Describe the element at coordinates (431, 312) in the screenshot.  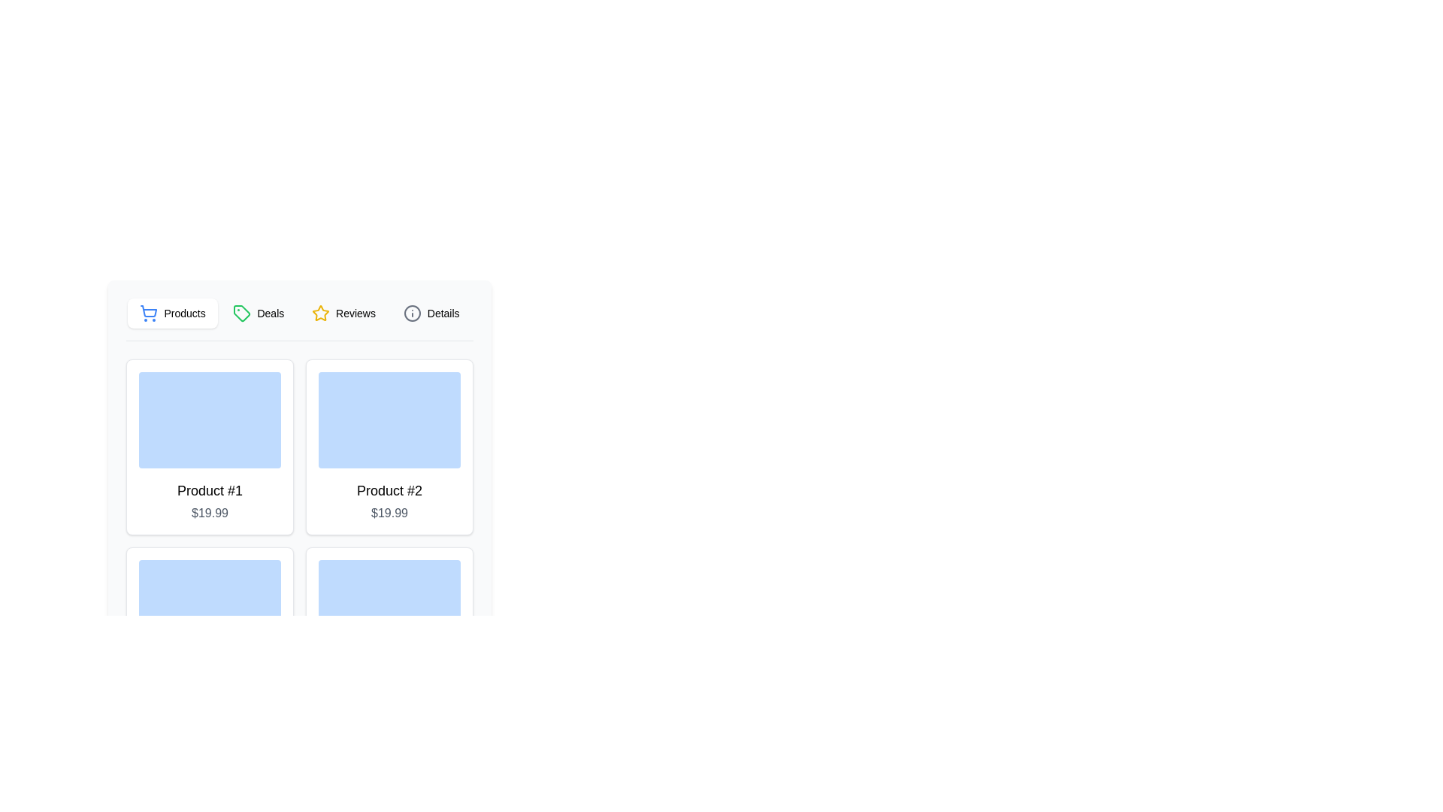
I see `the 'Details' button, which is the fourth button in a row of sibling buttons` at that location.